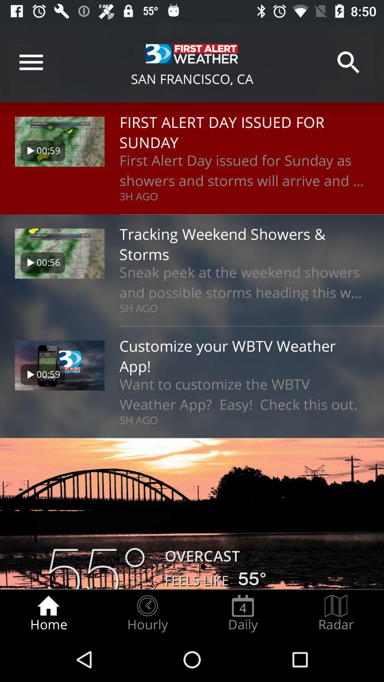 This screenshot has height=682, width=384. Describe the element at coordinates (242, 613) in the screenshot. I see `icon next to the radar` at that location.